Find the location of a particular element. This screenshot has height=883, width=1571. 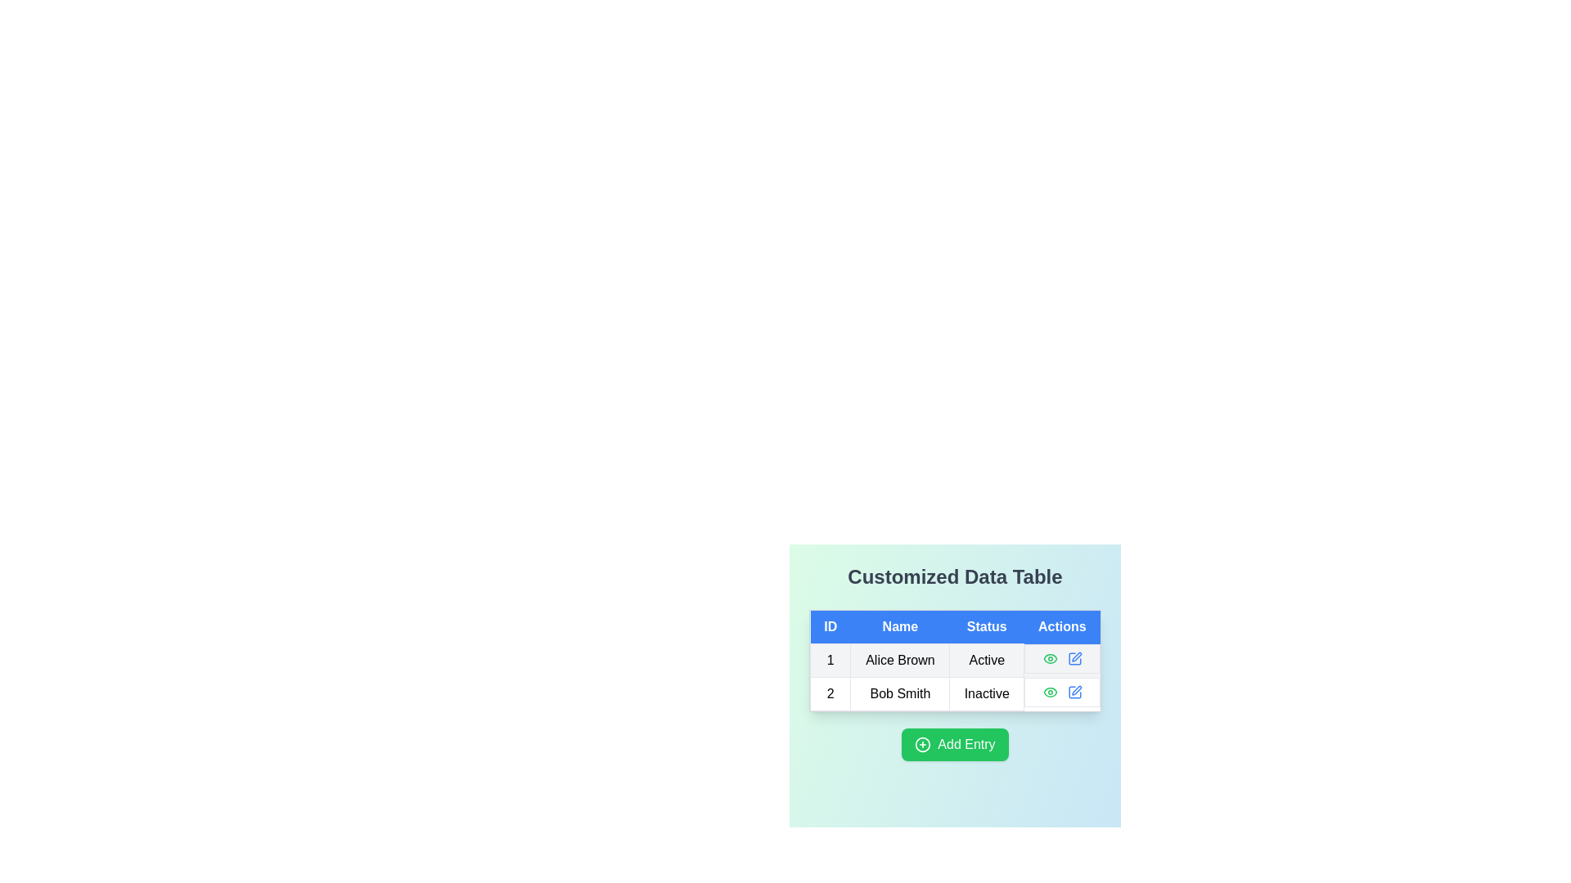

the text display field that shows 'Bob Smith', which is located in the second row and second column of the table, positioned between 'ID' and 'Status' is located at coordinates (899, 693).